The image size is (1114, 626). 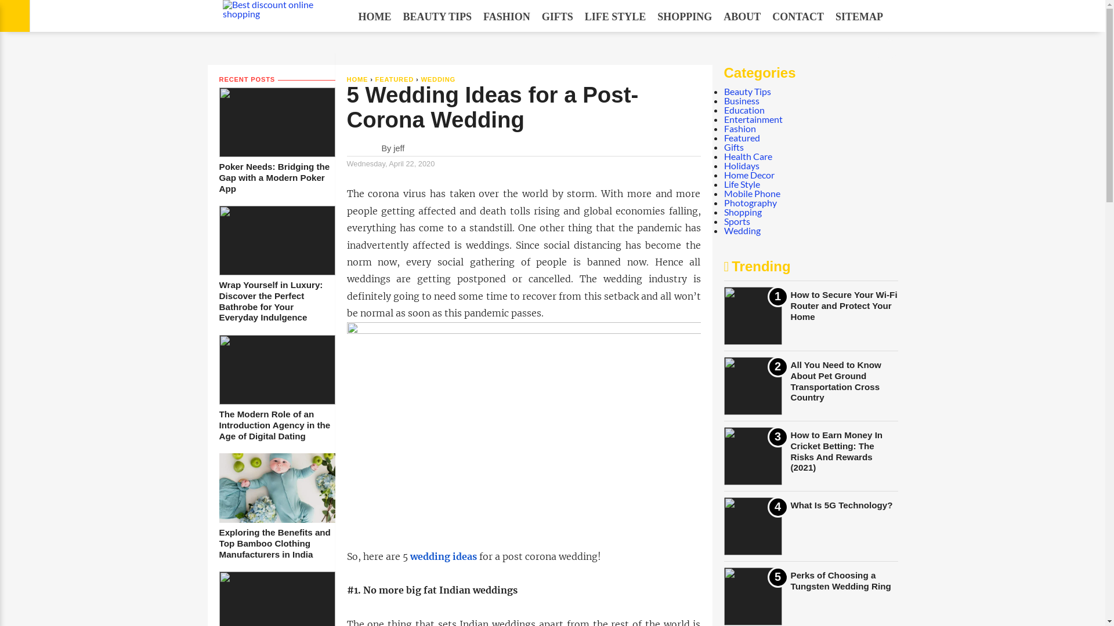 I want to click on 'ABOUT', so click(x=741, y=17).